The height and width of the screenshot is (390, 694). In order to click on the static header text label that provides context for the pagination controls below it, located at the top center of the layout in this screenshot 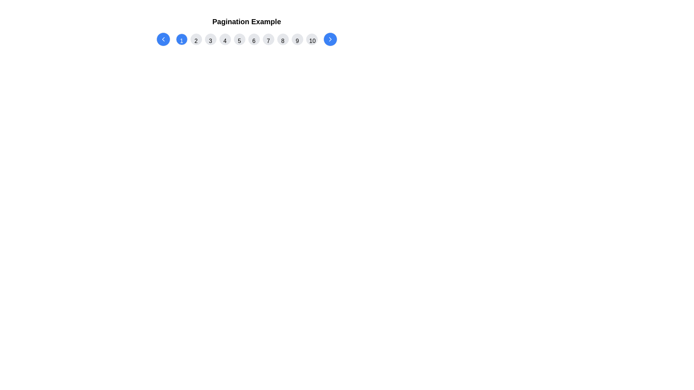, I will do `click(247, 21)`.